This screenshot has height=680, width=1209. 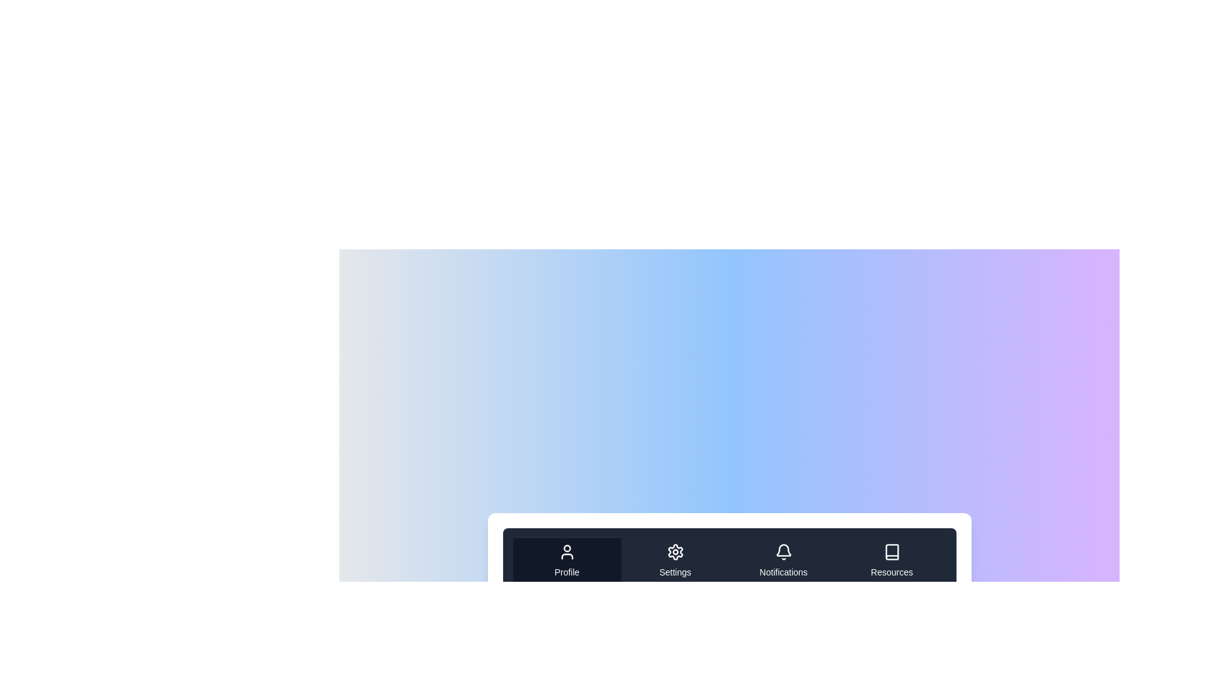 What do you see at coordinates (783, 560) in the screenshot?
I see `the tab labeled Notifications to highlight it` at bounding box center [783, 560].